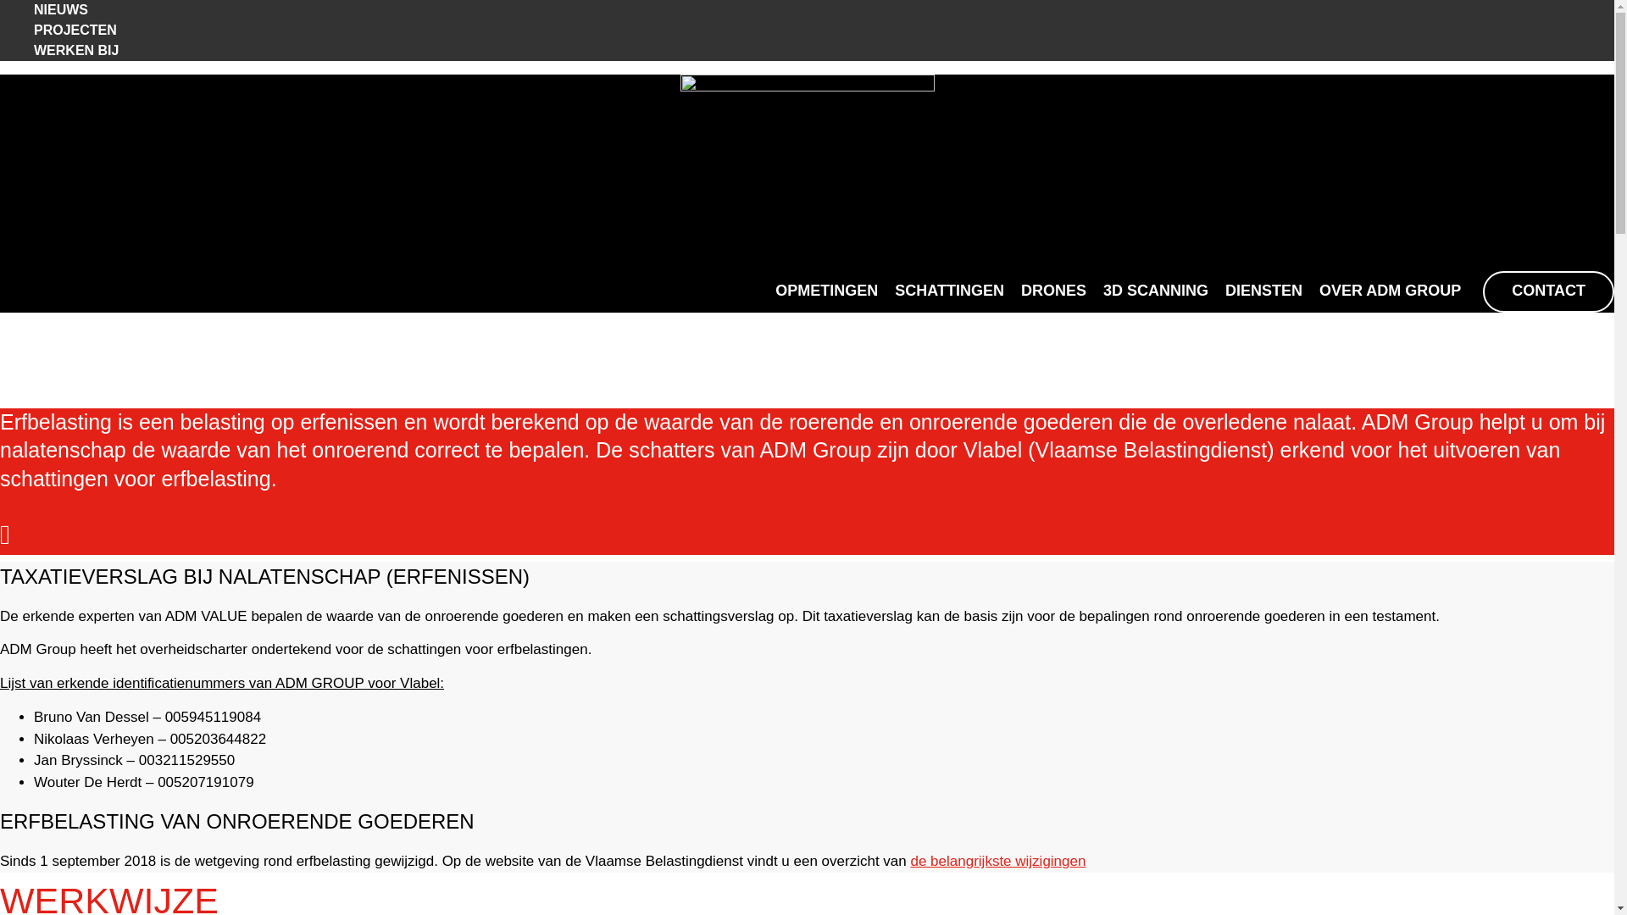 The height and width of the screenshot is (915, 1627). I want to click on '3D SCANNING', so click(1154, 291).